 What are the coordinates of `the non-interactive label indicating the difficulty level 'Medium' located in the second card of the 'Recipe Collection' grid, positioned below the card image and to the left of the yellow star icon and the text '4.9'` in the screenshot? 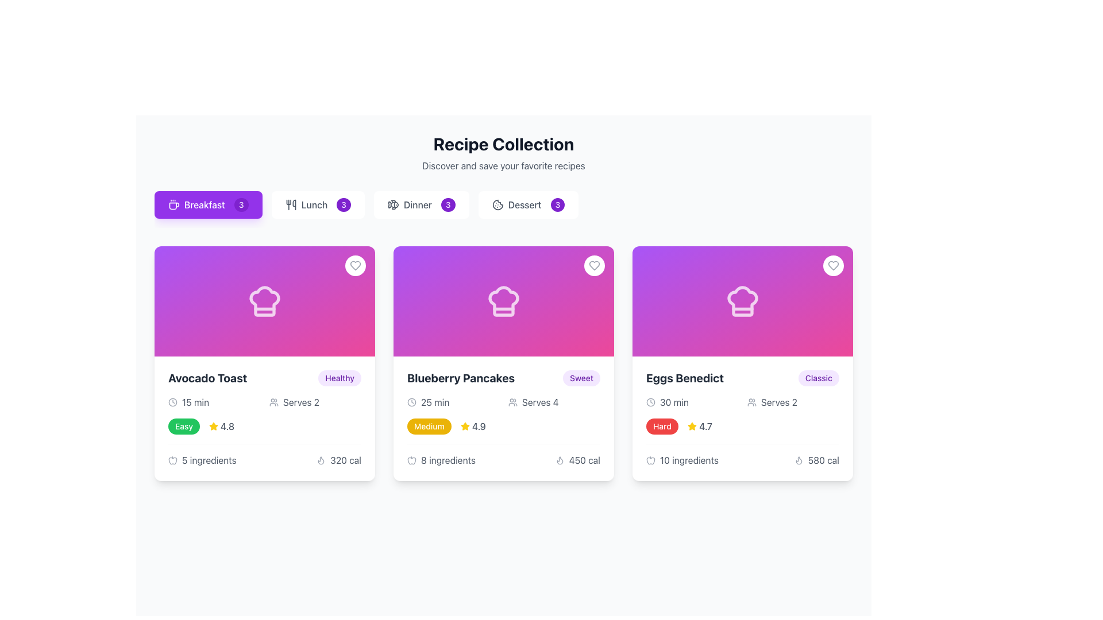 It's located at (429, 427).